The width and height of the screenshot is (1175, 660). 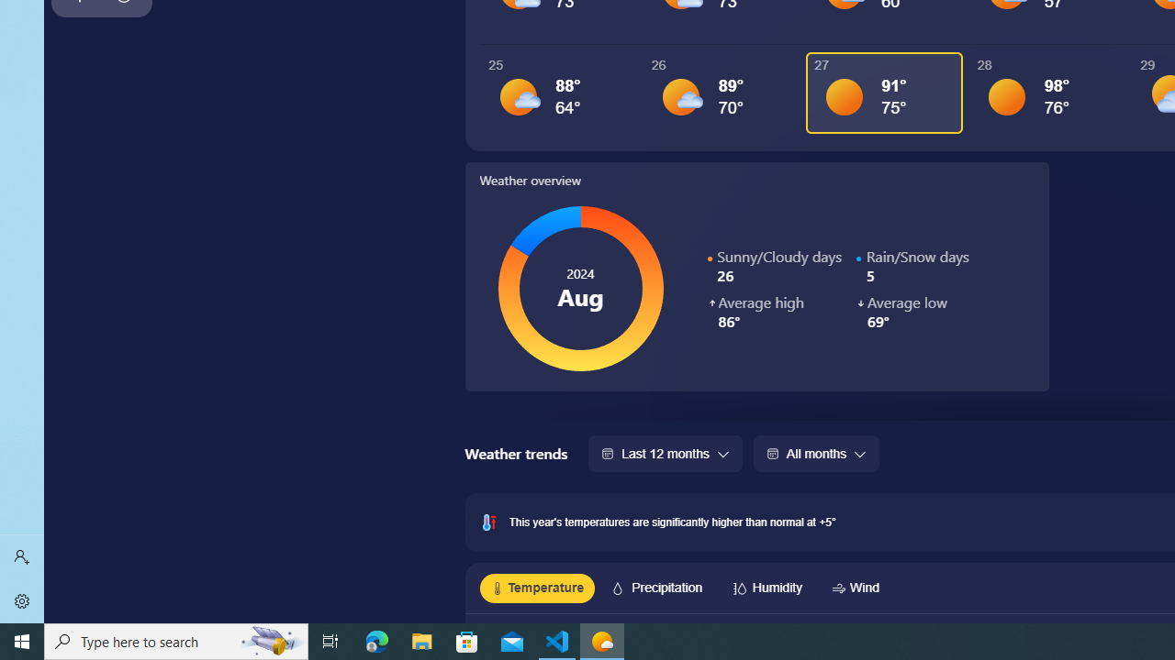 I want to click on 'Microsoft Store', so click(x=467, y=640).